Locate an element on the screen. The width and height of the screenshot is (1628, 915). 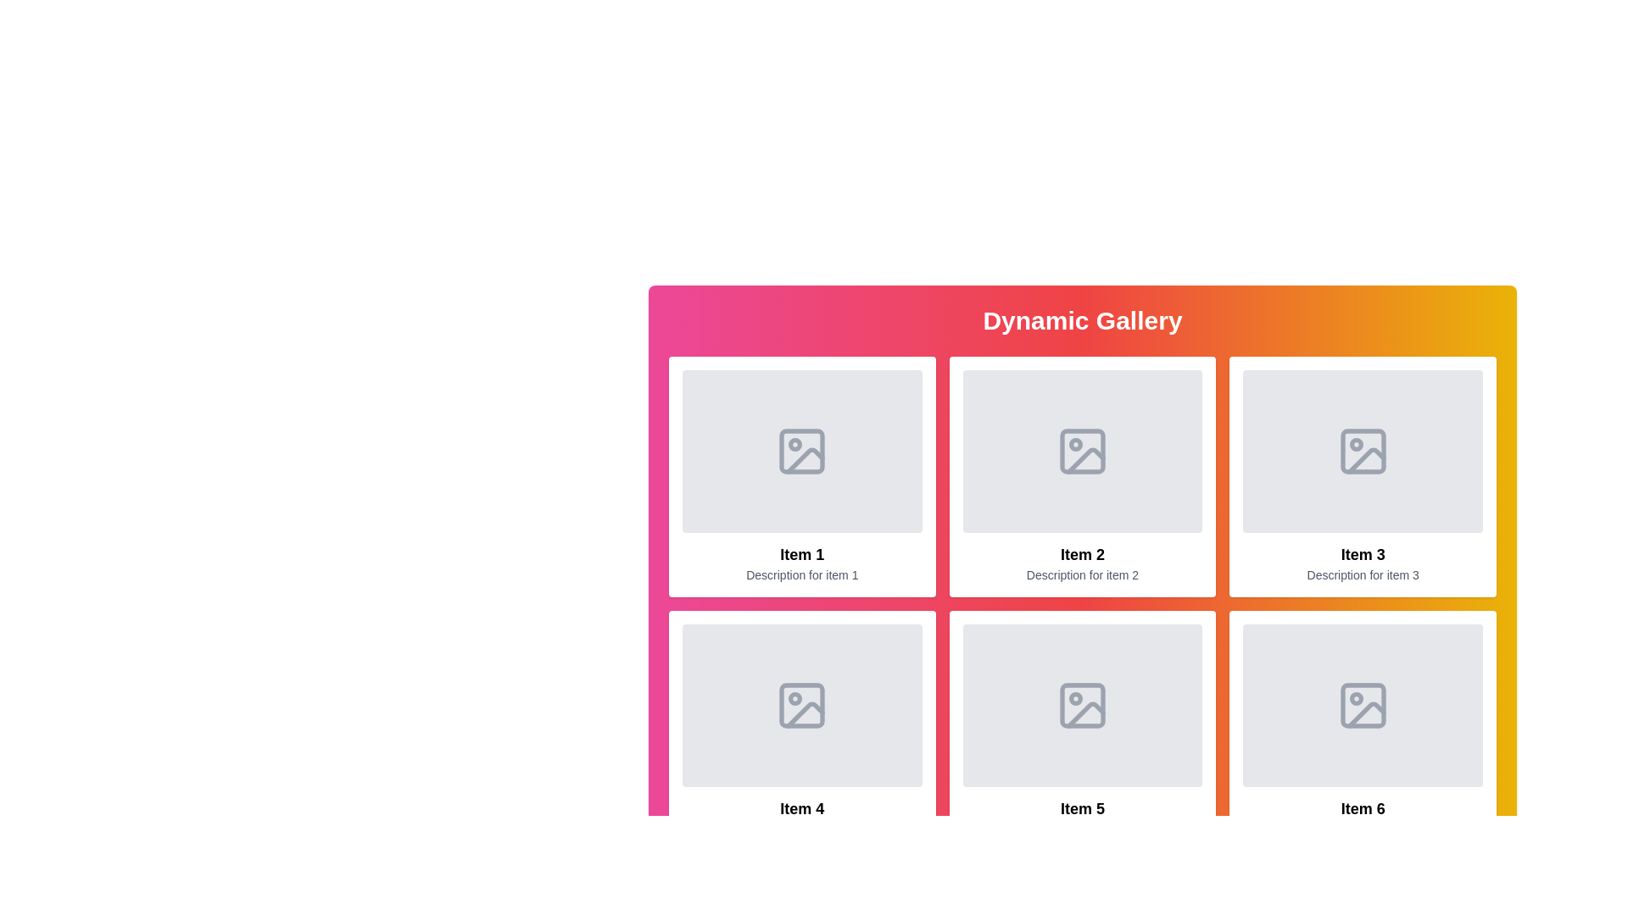
the Text Header element that serves as the title for the section, which is centered horizontally at the top of the section with a gradient background is located at coordinates (1081, 320).